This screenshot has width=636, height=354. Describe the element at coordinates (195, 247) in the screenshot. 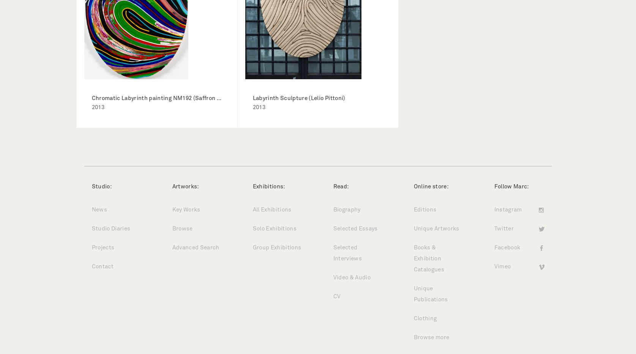

I see `'Advanced Search'` at that location.